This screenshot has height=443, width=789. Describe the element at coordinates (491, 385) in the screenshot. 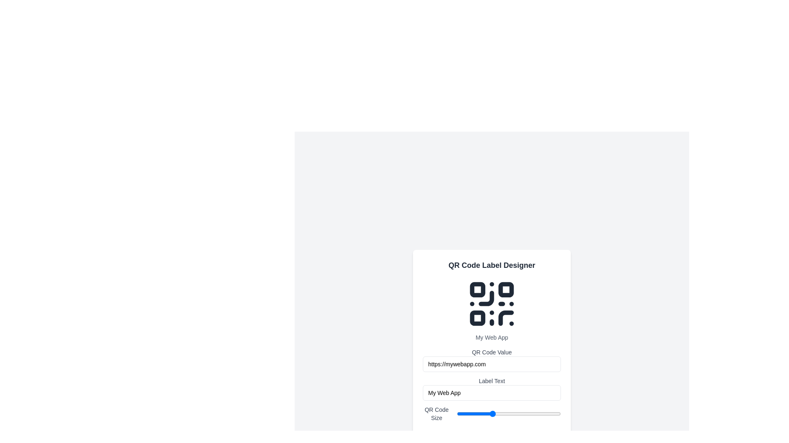

I see `the Text label that serves as a subtitle for the QR Code Value input field, located directly above 'My Web App'` at that location.